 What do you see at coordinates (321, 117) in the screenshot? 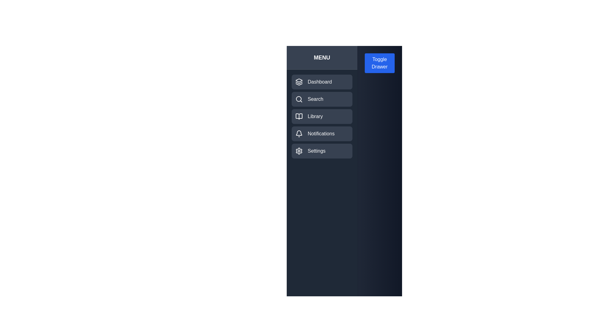
I see `the menu item labeled Library` at bounding box center [321, 117].